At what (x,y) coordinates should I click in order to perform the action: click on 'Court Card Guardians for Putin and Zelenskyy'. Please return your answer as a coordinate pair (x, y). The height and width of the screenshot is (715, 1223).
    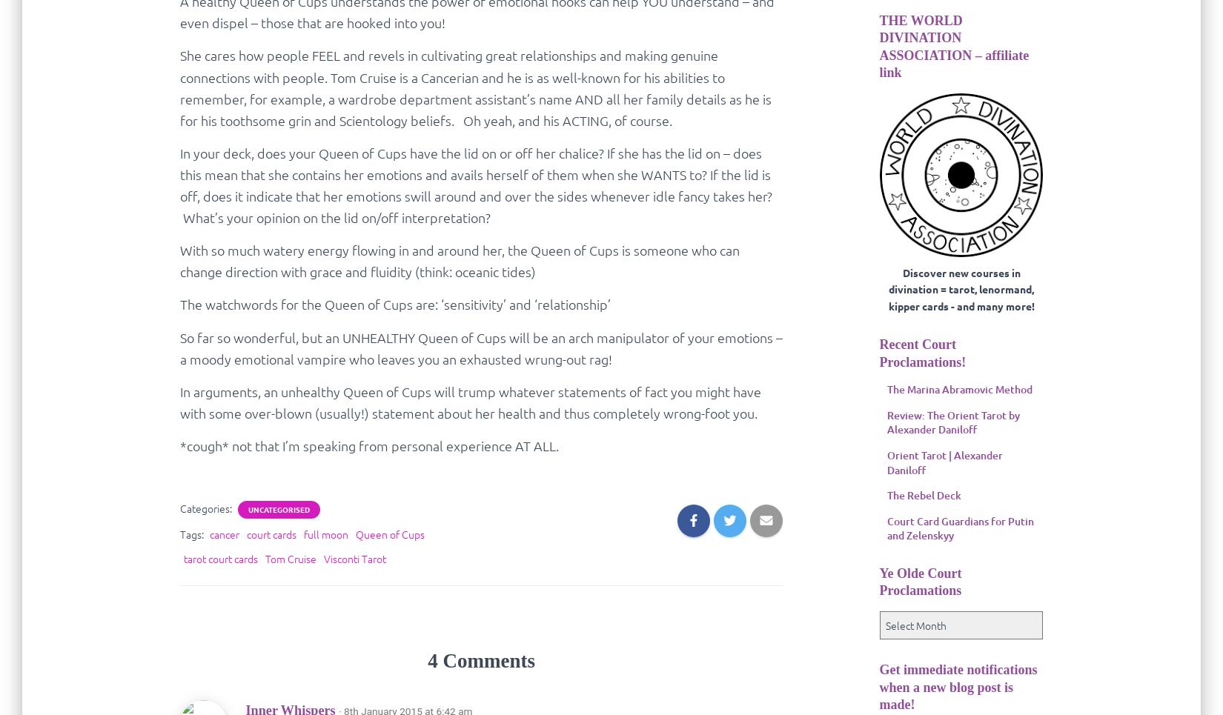
    Looking at the image, I should click on (958, 528).